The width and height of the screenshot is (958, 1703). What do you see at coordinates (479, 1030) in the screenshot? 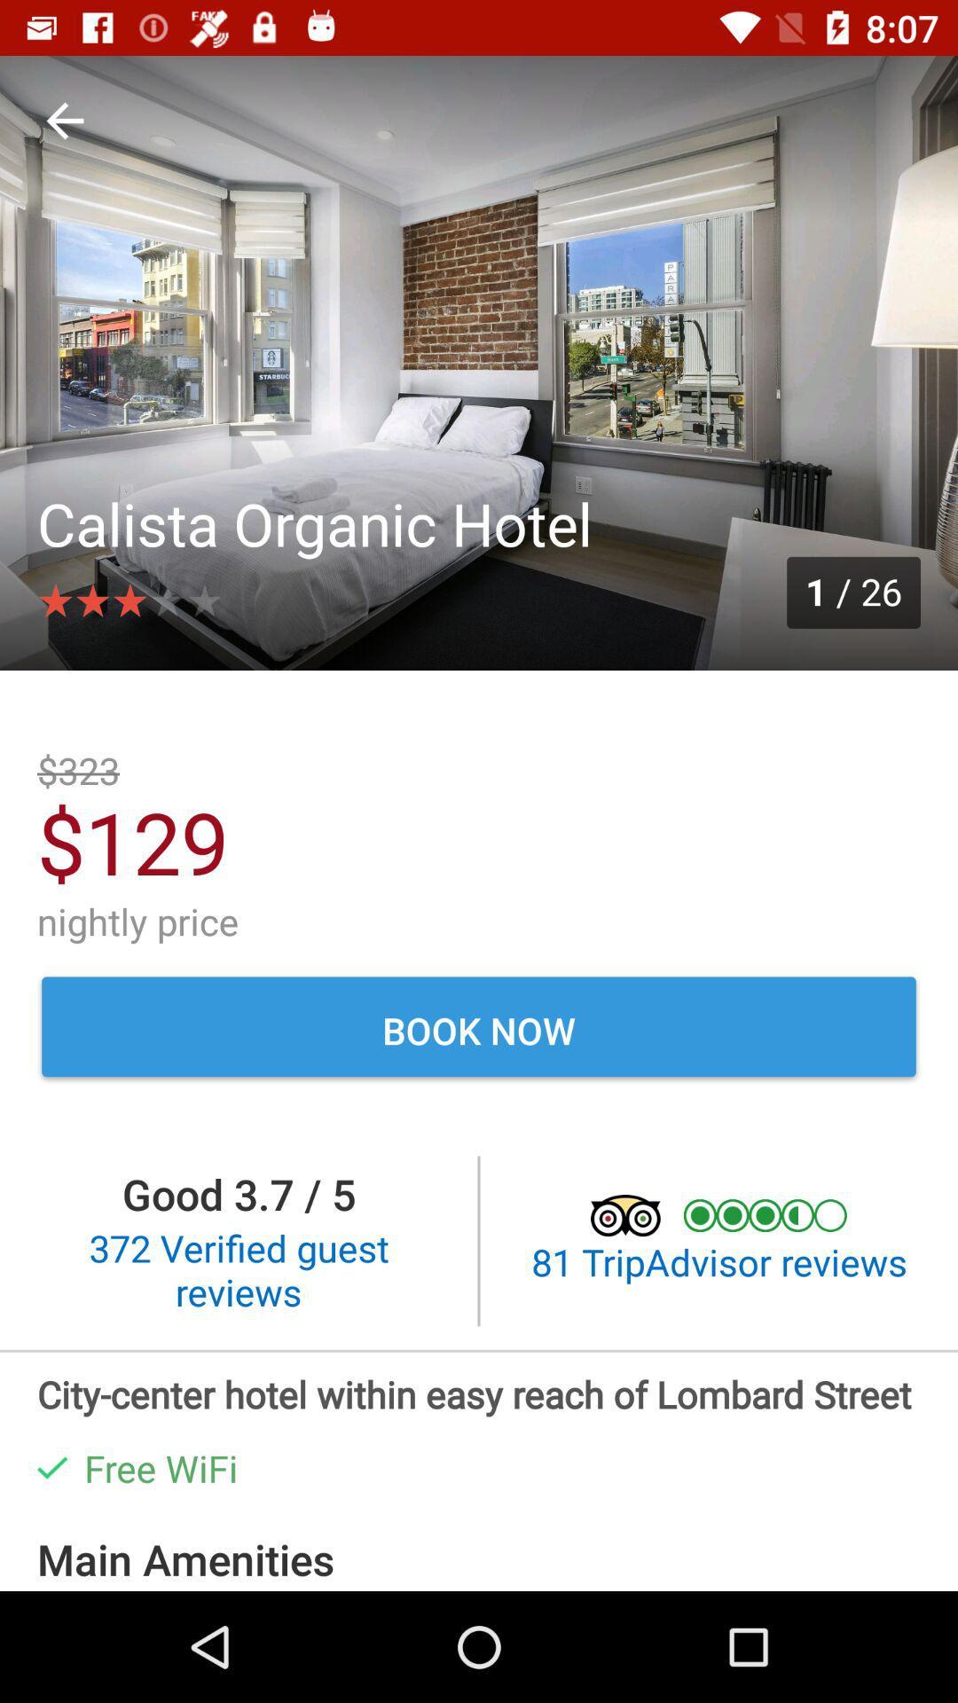
I see `the book now` at bounding box center [479, 1030].